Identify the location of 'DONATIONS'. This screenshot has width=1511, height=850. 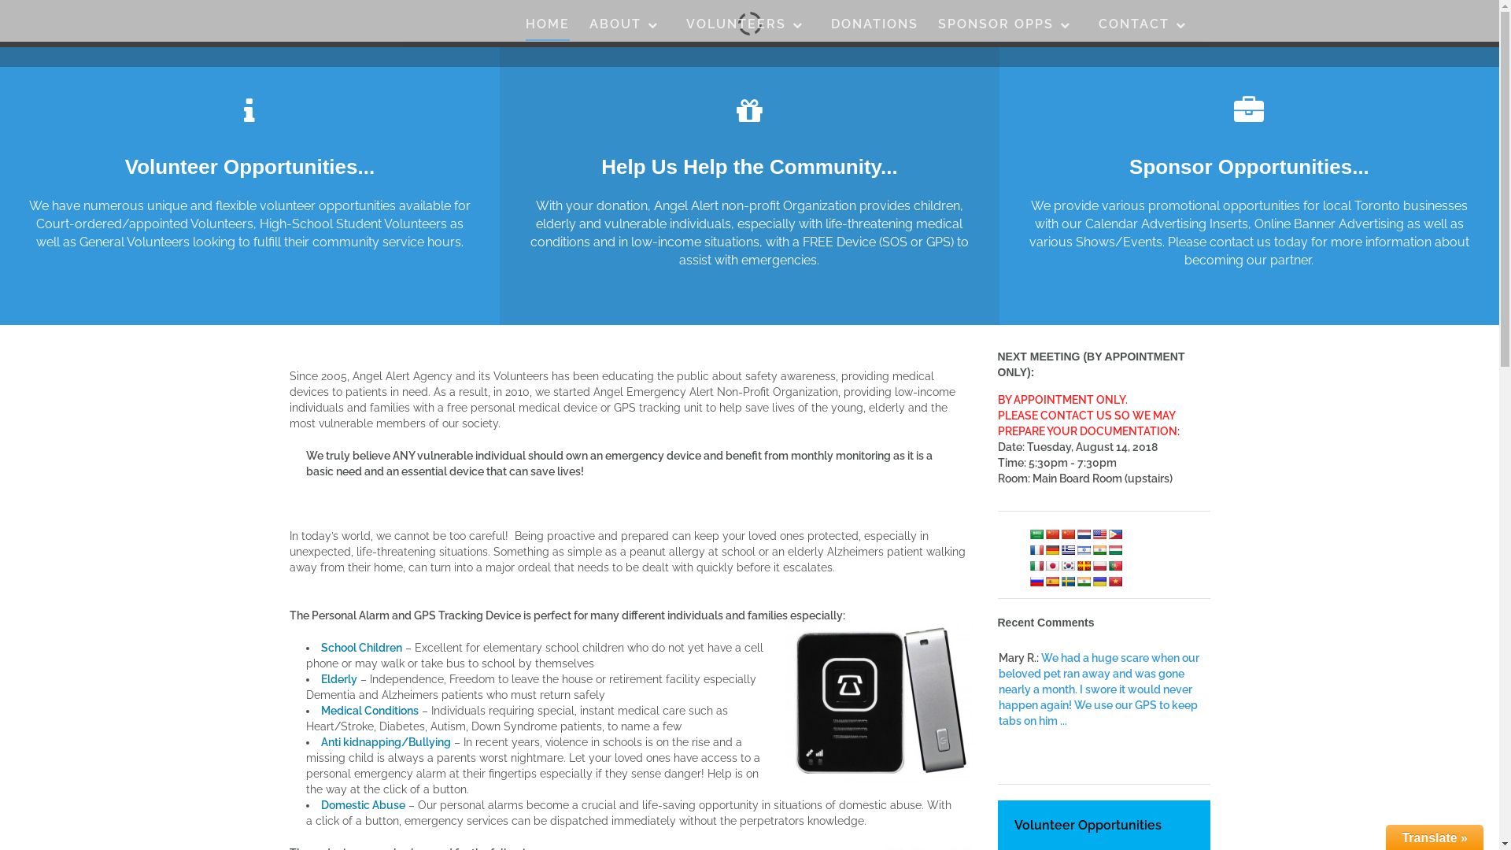
(830, 27).